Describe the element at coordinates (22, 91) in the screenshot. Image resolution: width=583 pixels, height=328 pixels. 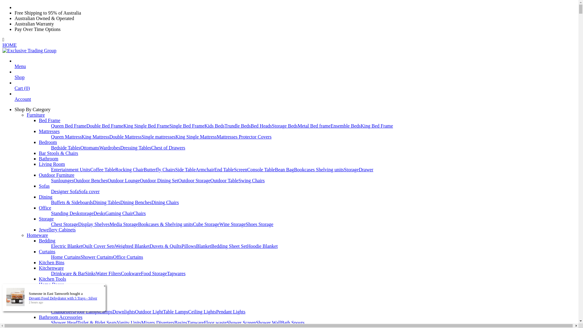
I see `'Cart (0)'` at that location.